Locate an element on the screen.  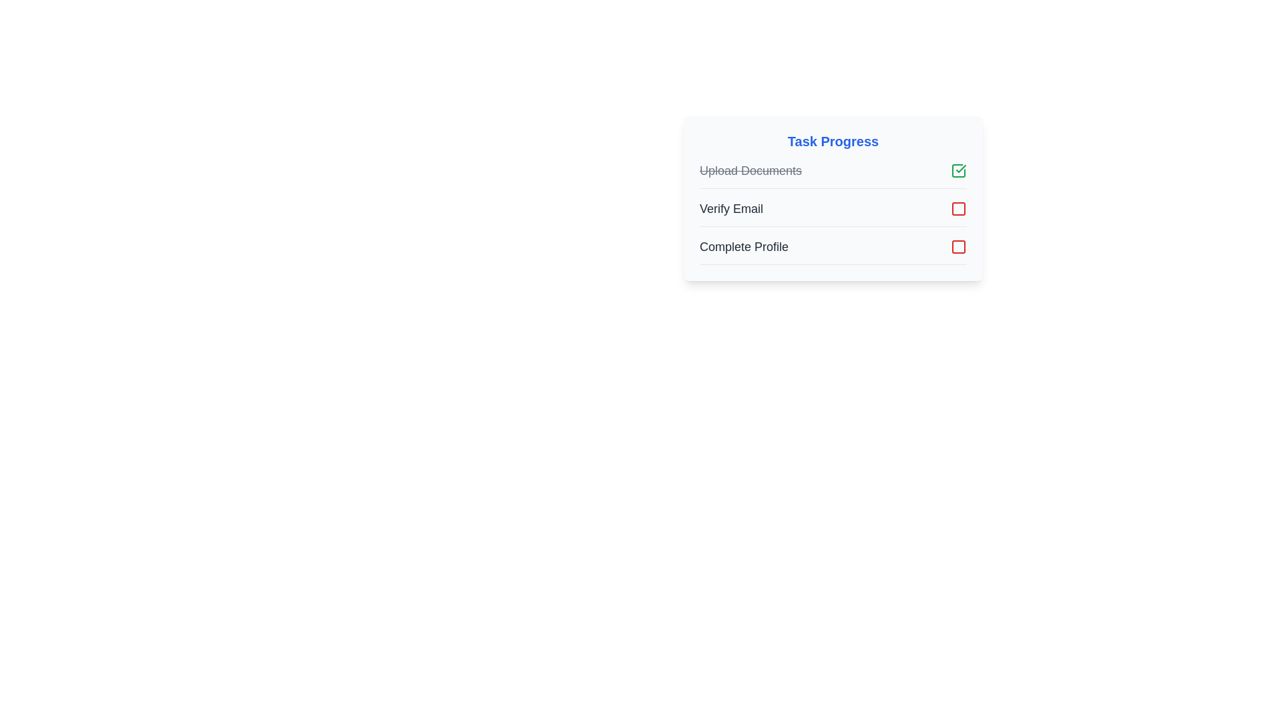
the 'Verify Email' task item in the 'Task Progress' section is located at coordinates (833, 212).